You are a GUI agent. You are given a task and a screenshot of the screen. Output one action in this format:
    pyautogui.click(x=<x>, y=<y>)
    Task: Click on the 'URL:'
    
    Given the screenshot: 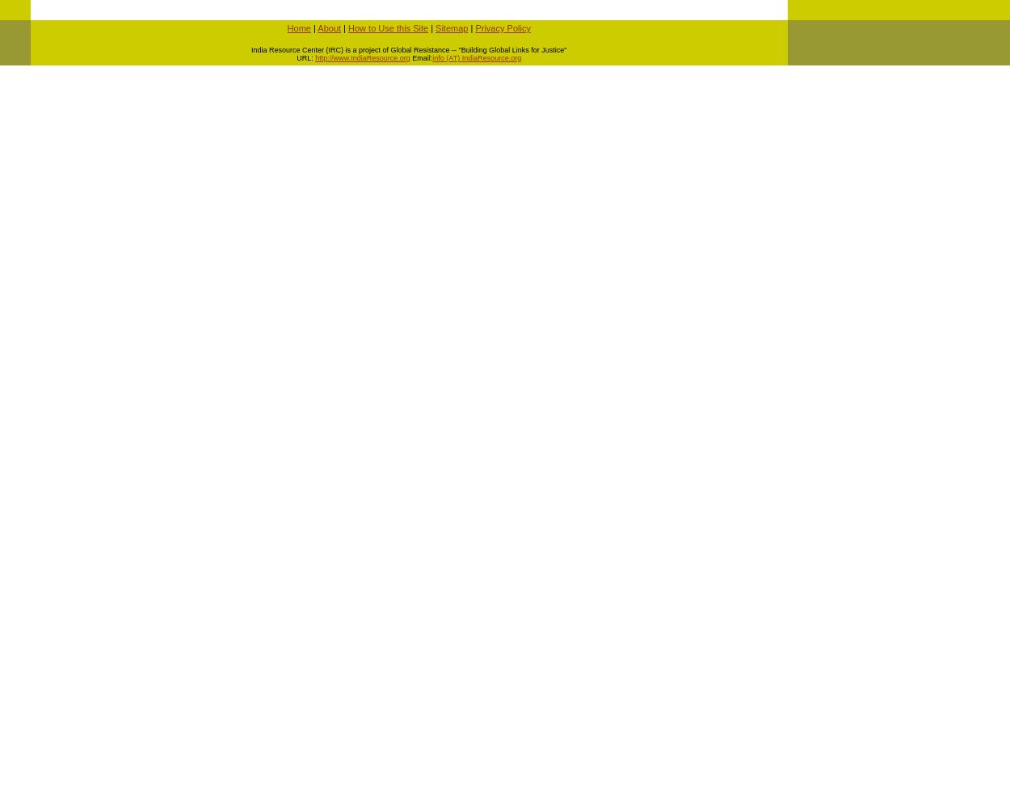 What is the action you would take?
    pyautogui.click(x=305, y=57)
    